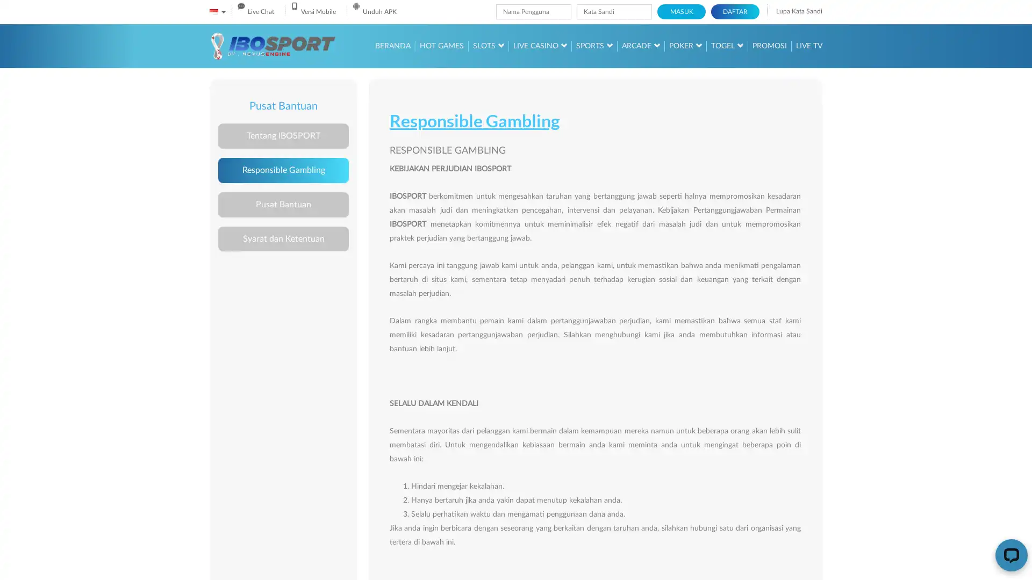  Describe the element at coordinates (680, 12) in the screenshot. I see `Masuk` at that location.